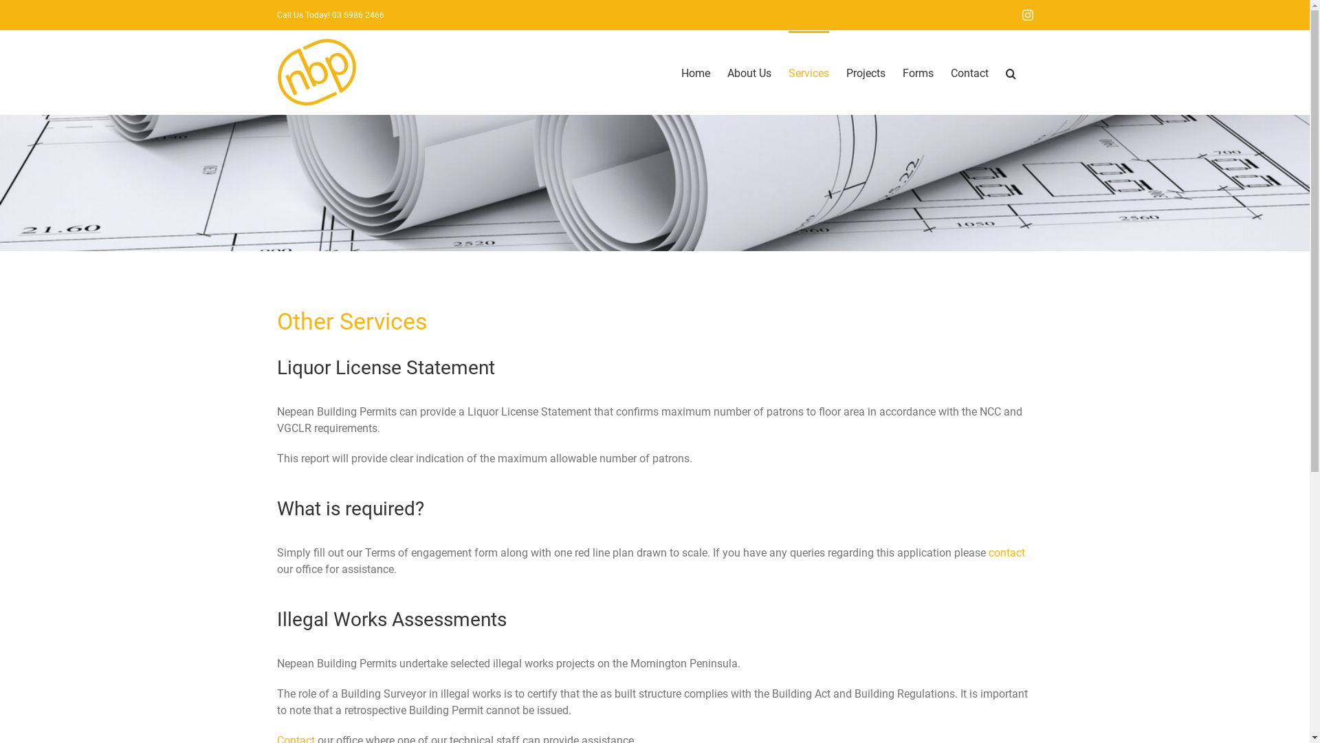 The image size is (1320, 743). I want to click on 'Search', so click(1010, 72).